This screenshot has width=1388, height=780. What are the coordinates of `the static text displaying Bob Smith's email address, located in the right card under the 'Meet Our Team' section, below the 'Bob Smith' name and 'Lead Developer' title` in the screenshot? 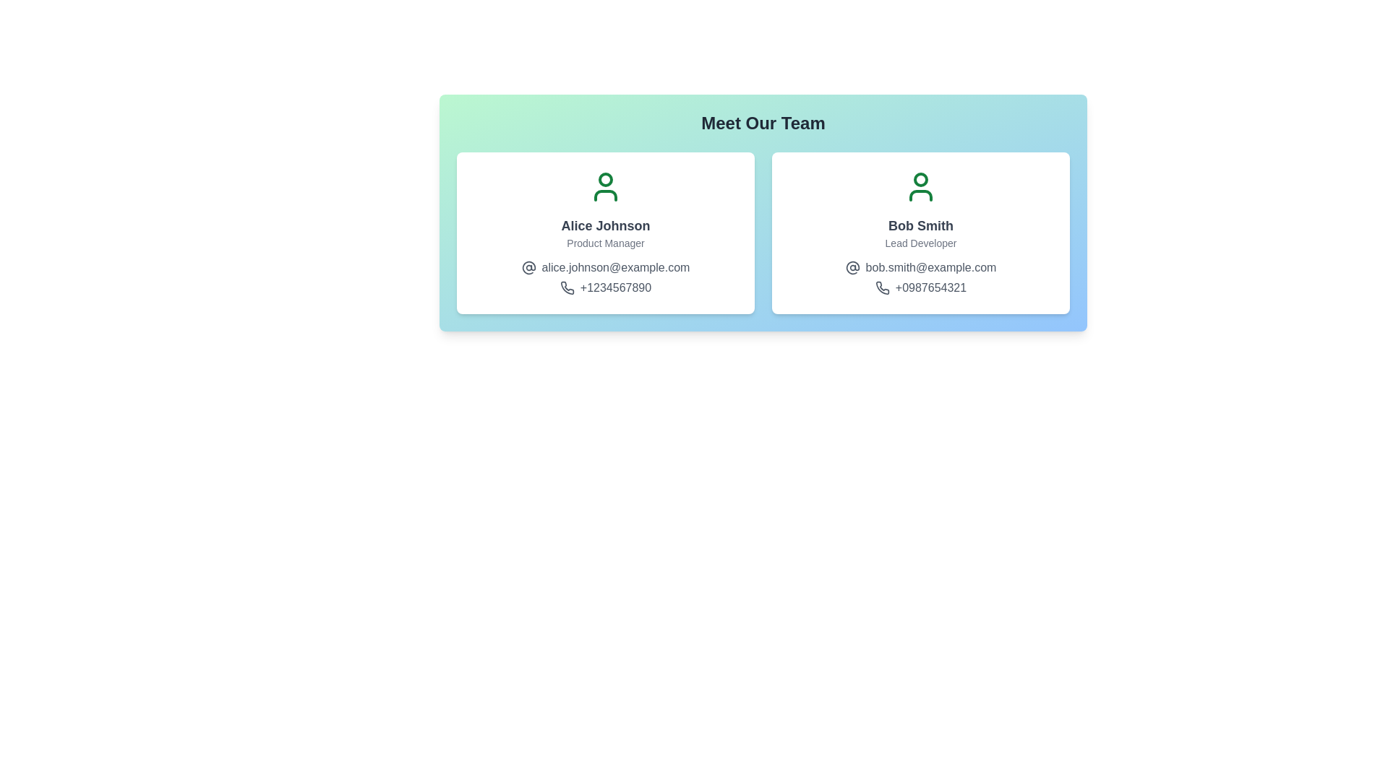 It's located at (930, 267).